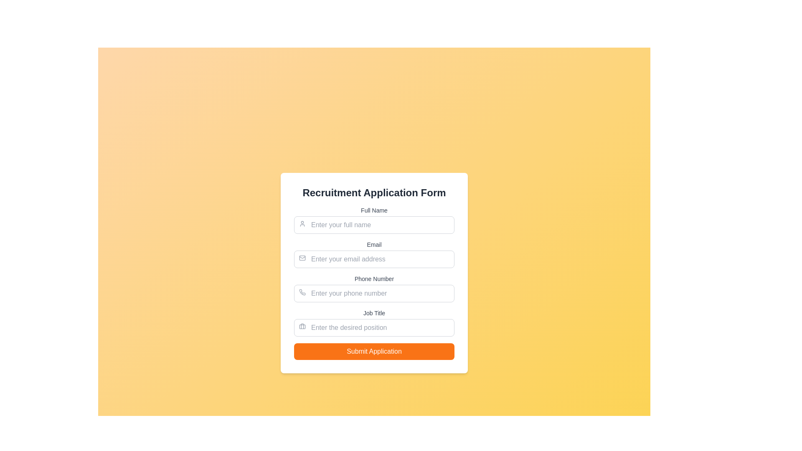 The image size is (802, 451). I want to click on the decorative icon located on the left side of the job title input field in the recruitment application form, so click(302, 326).